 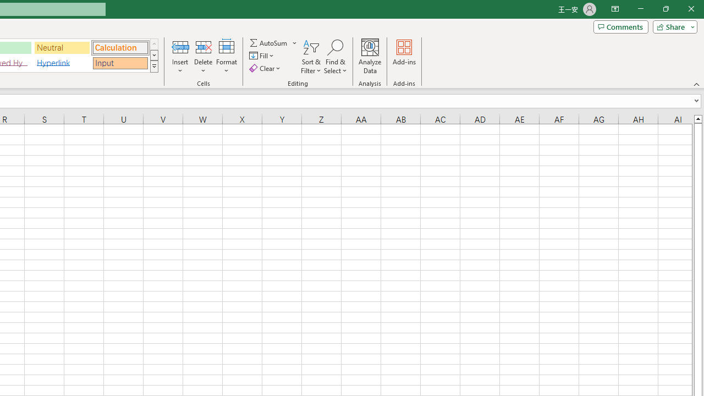 I want to click on 'Sum', so click(x=269, y=42).